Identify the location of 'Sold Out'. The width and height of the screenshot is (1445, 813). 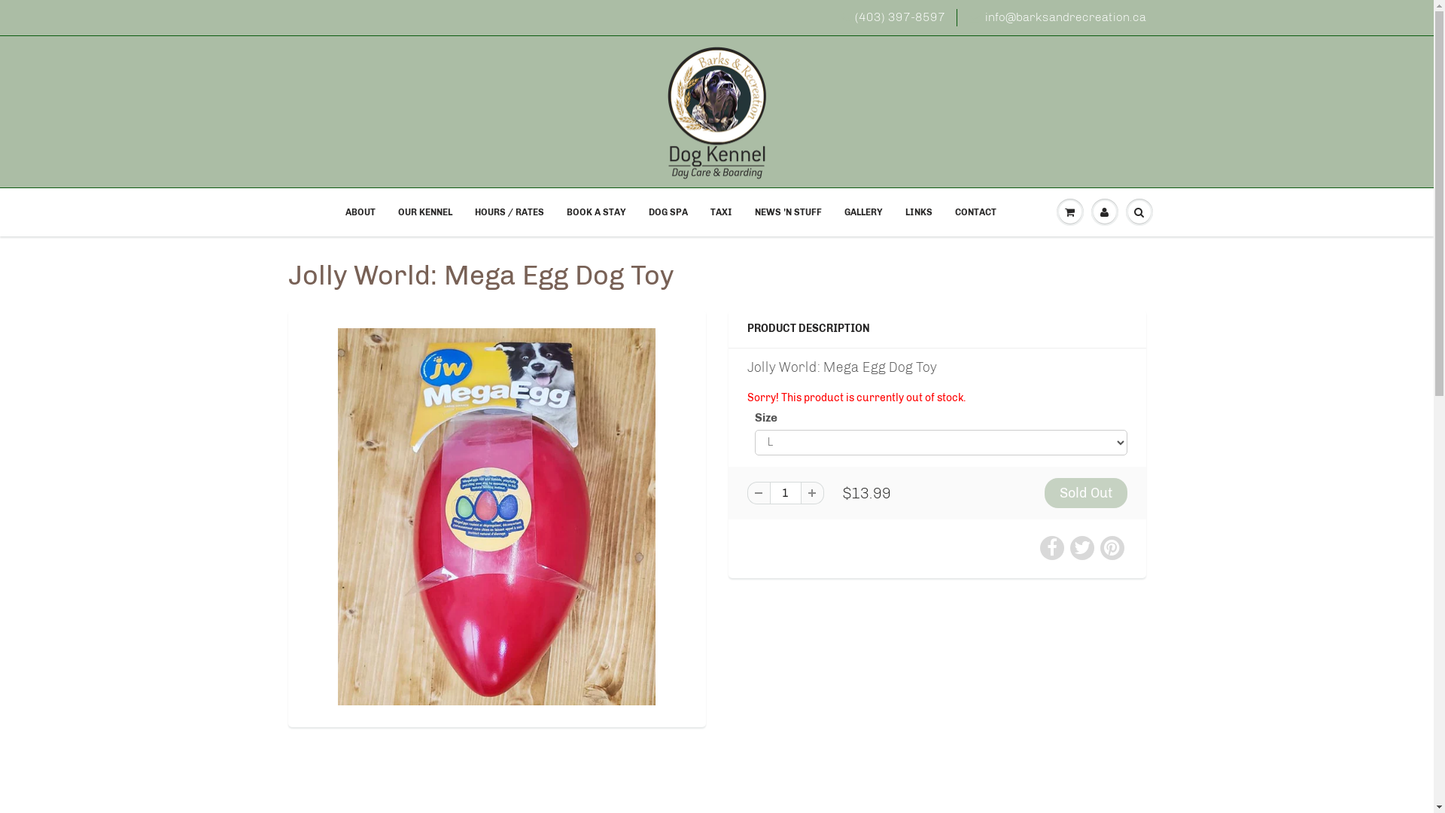
(1086, 493).